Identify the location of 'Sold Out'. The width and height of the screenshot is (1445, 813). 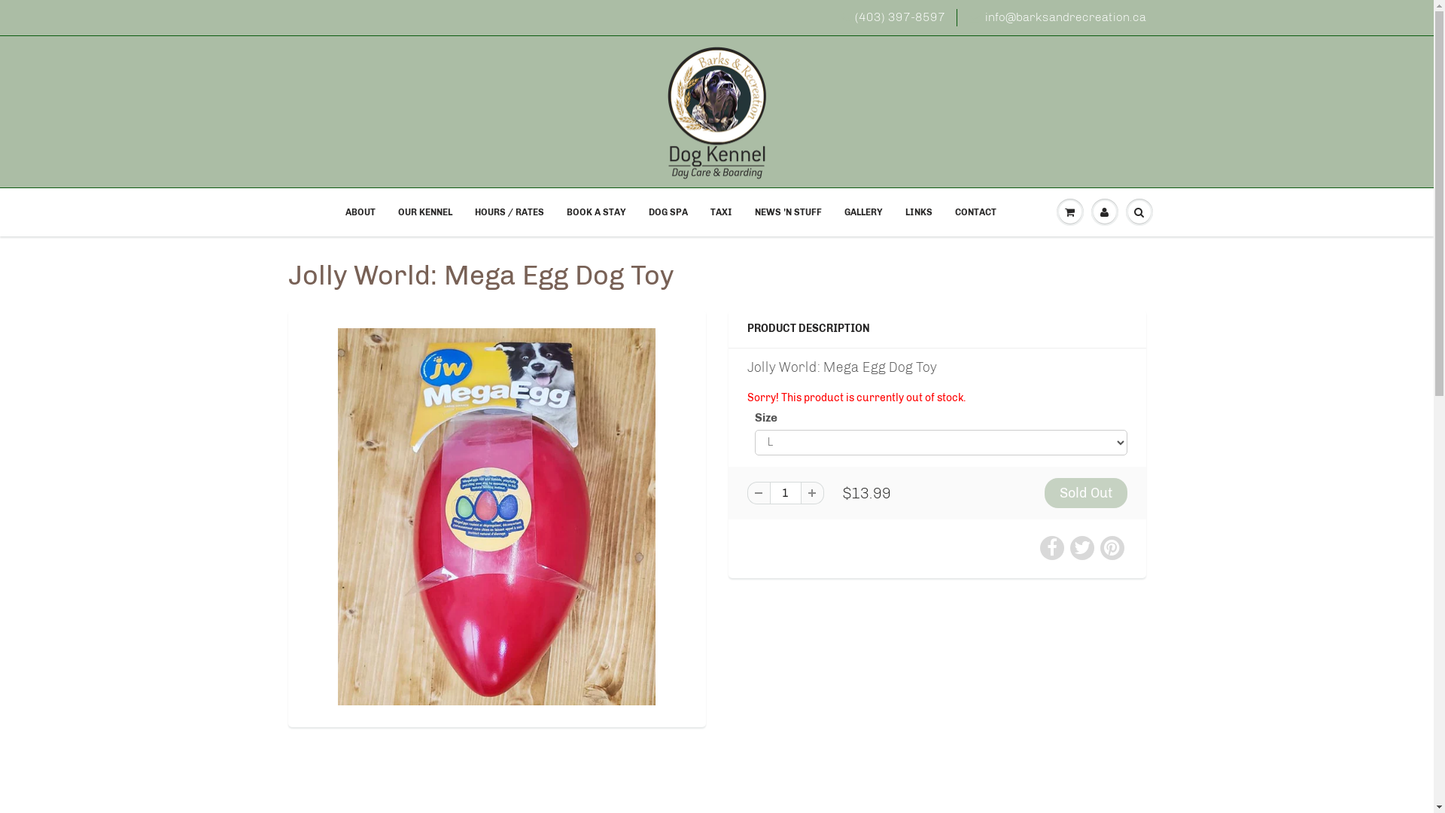
(1086, 493).